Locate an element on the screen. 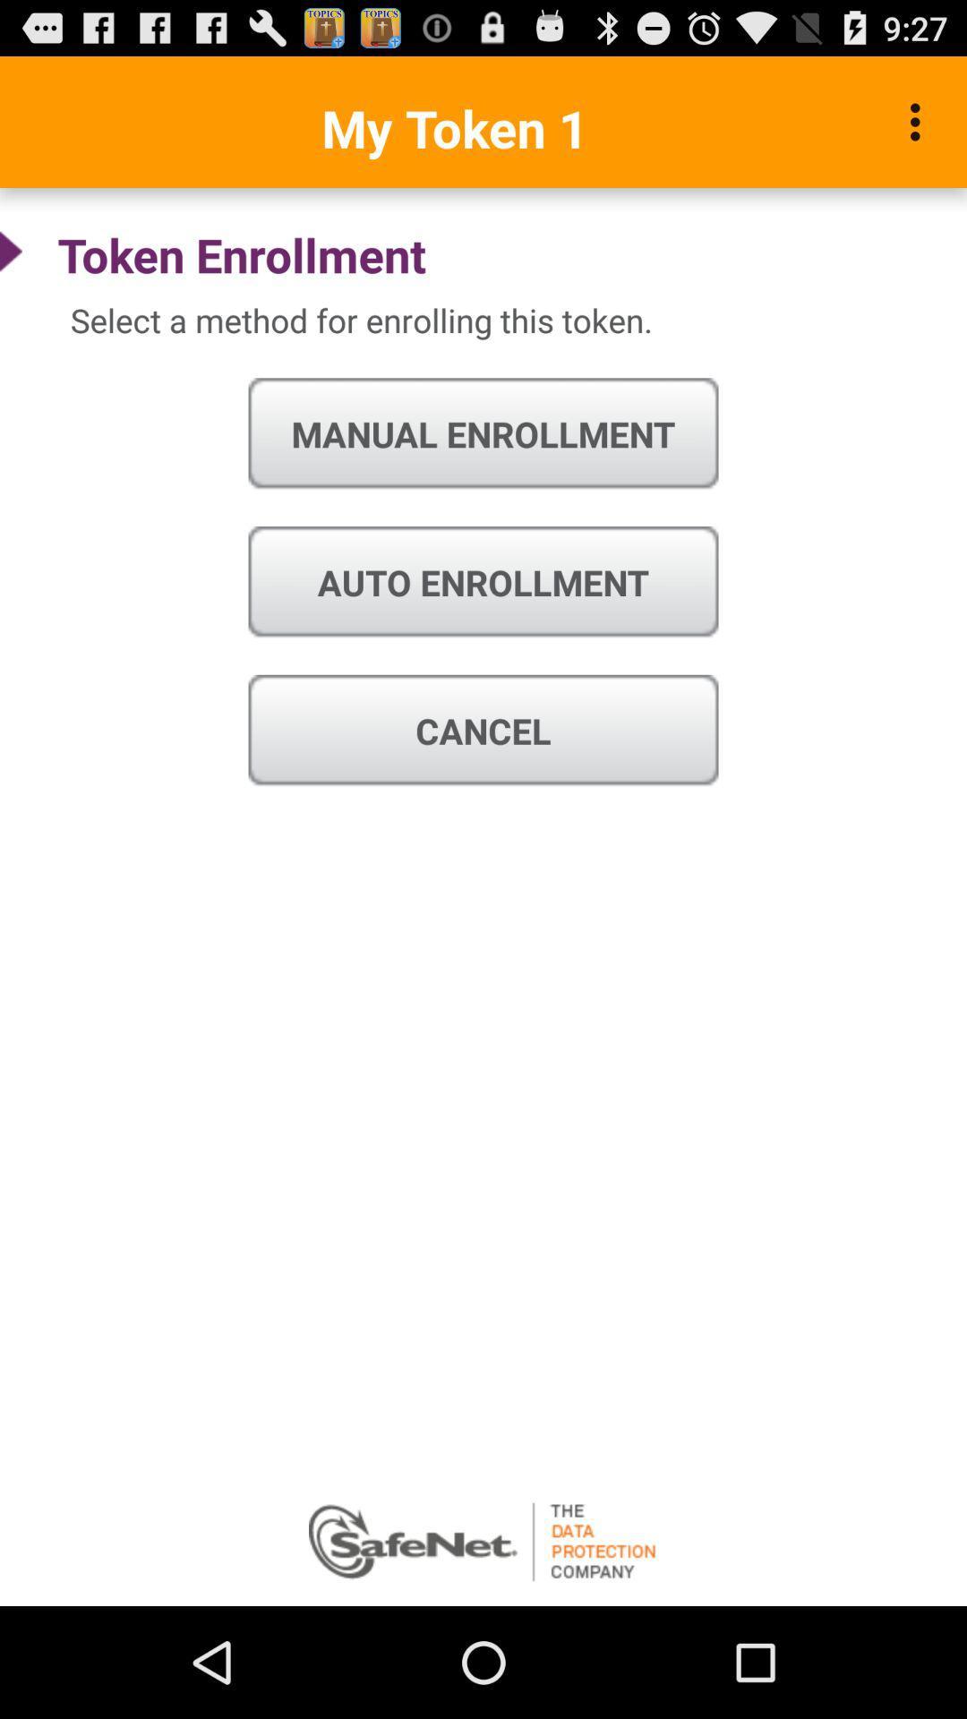 The image size is (967, 1719). item next to my token 1 icon is located at coordinates (920, 121).